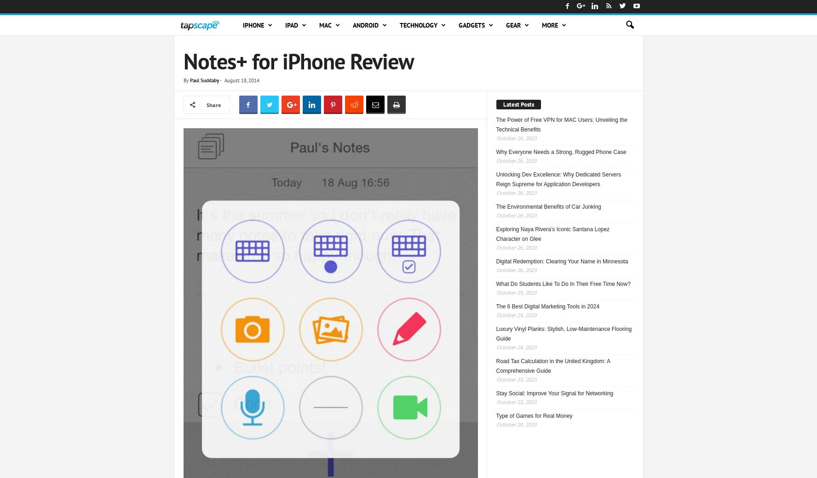  Describe the element at coordinates (561, 261) in the screenshot. I see `'Digital Redemption: Clearing Your Name in Minnesota'` at that location.